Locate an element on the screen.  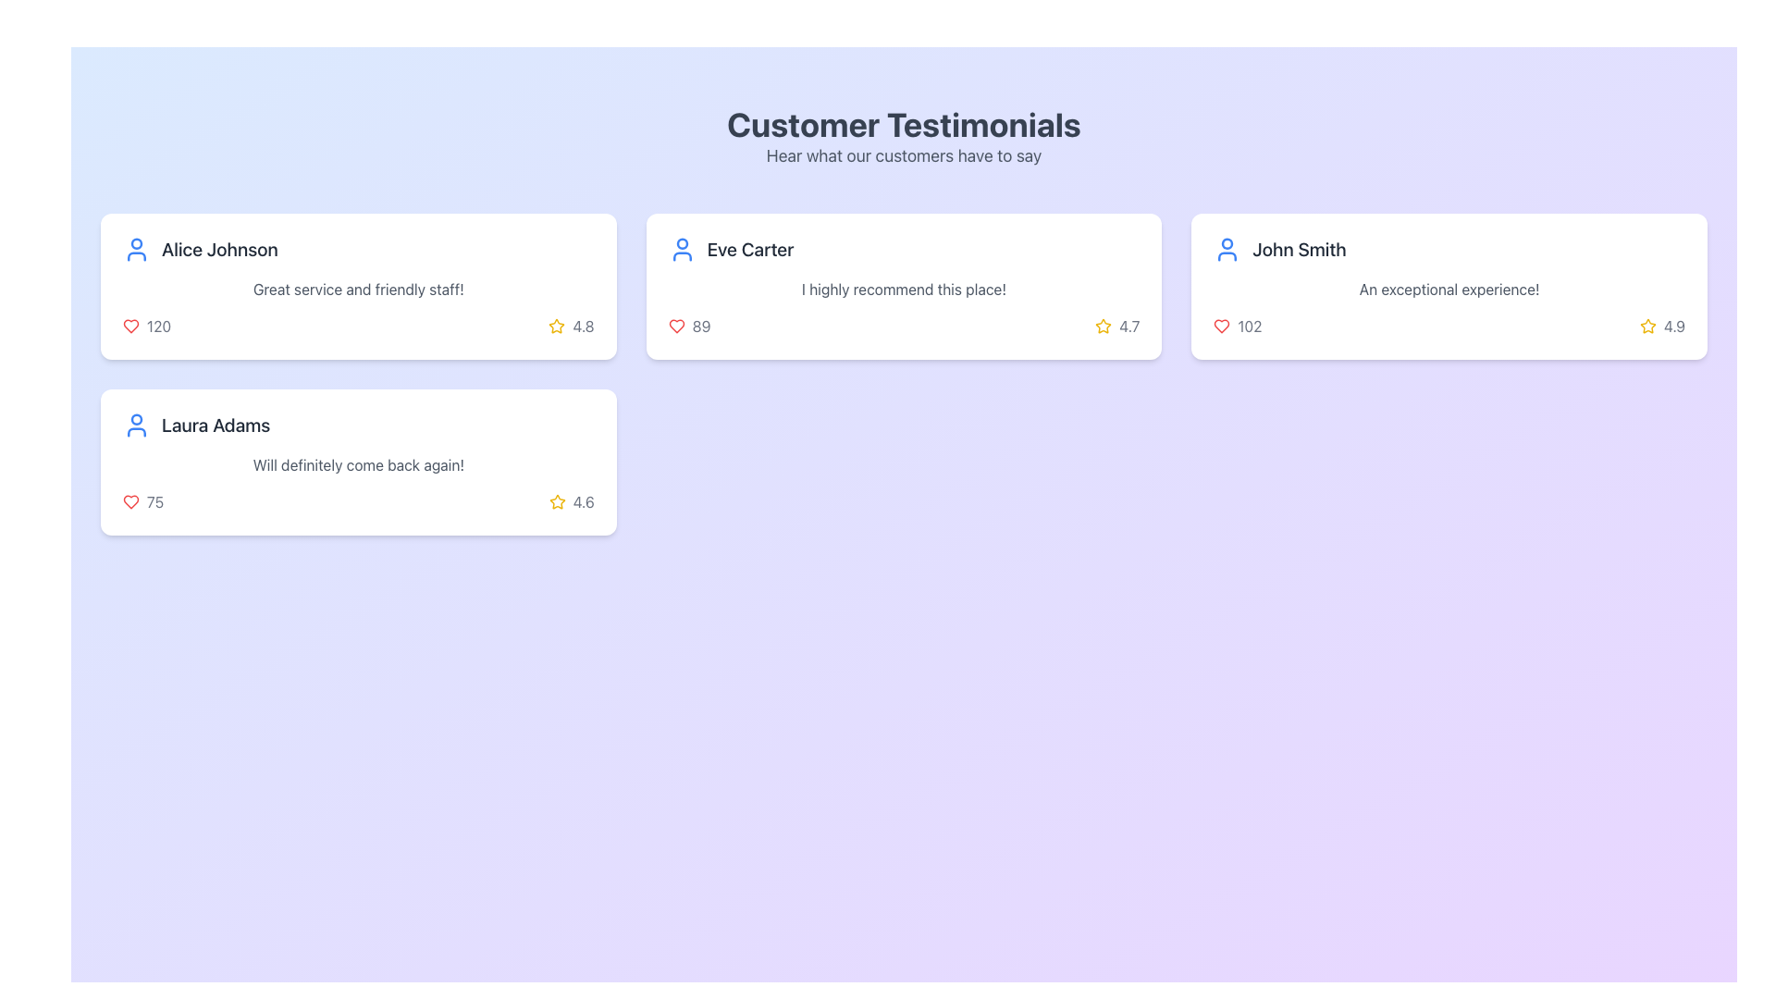
the numeric text '120' which is styled in a sans-serif font and located inside a testimonial card under the title 'Alice Johnson', immediately to the right of a red heart icon is located at coordinates (159, 326).